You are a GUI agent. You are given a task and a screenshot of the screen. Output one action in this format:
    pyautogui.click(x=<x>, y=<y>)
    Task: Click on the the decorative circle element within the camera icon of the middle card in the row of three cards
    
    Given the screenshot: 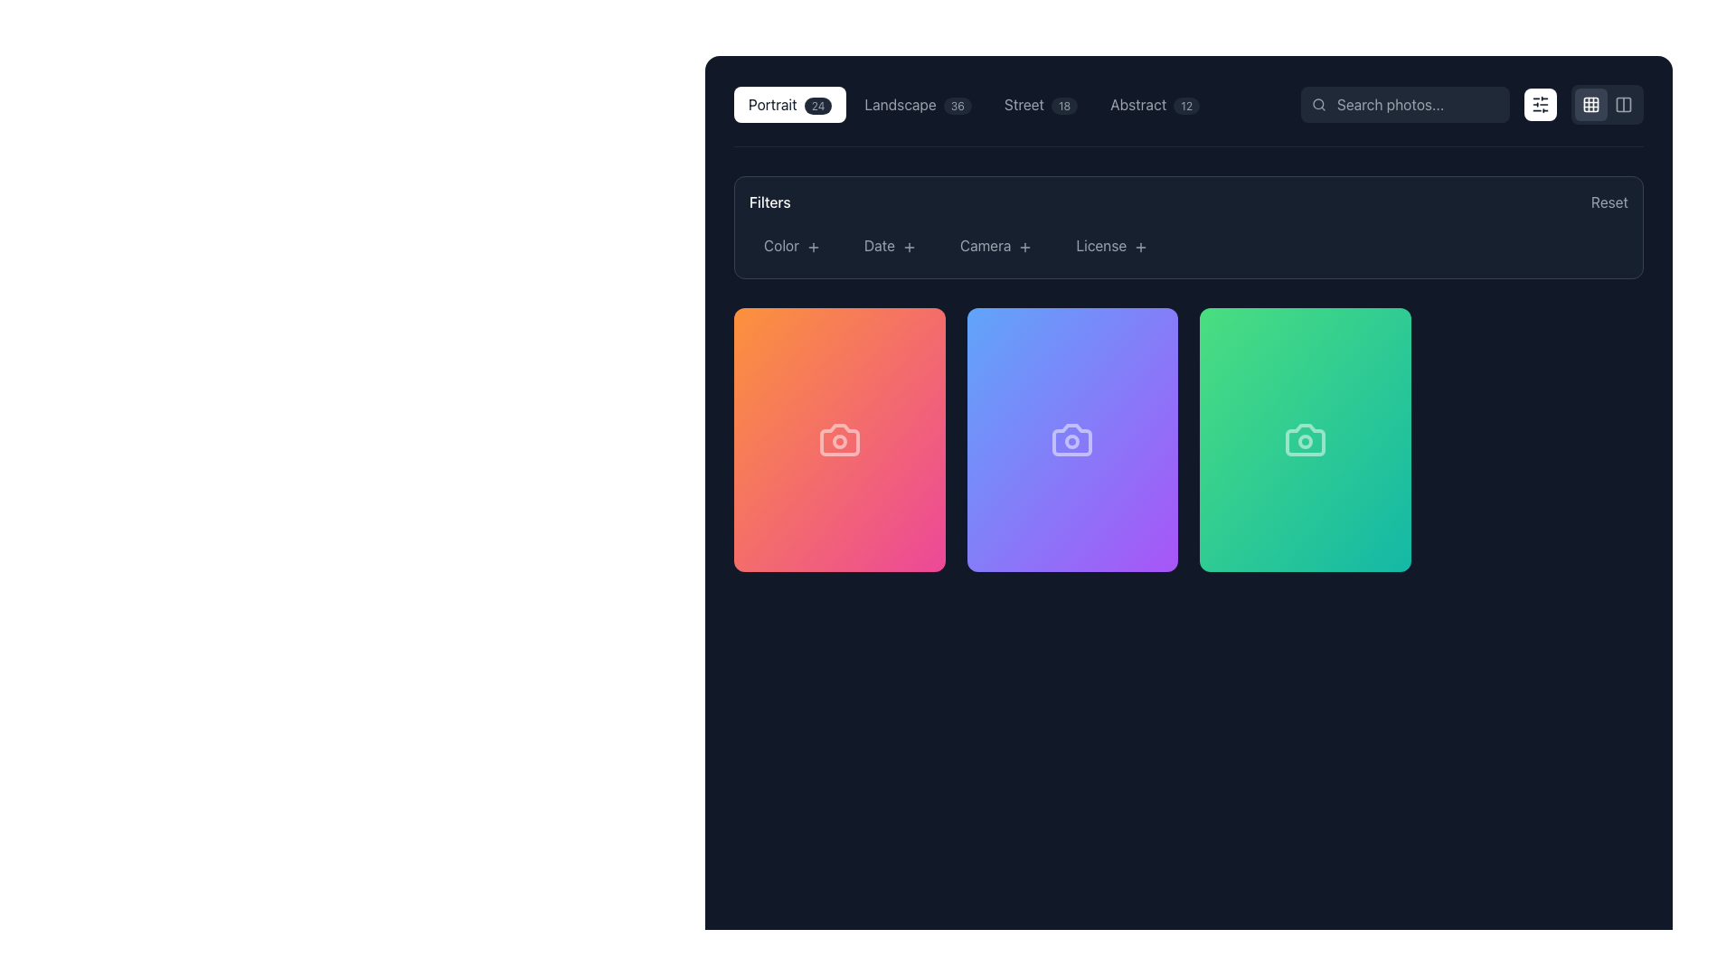 What is the action you would take?
    pyautogui.click(x=1072, y=441)
    